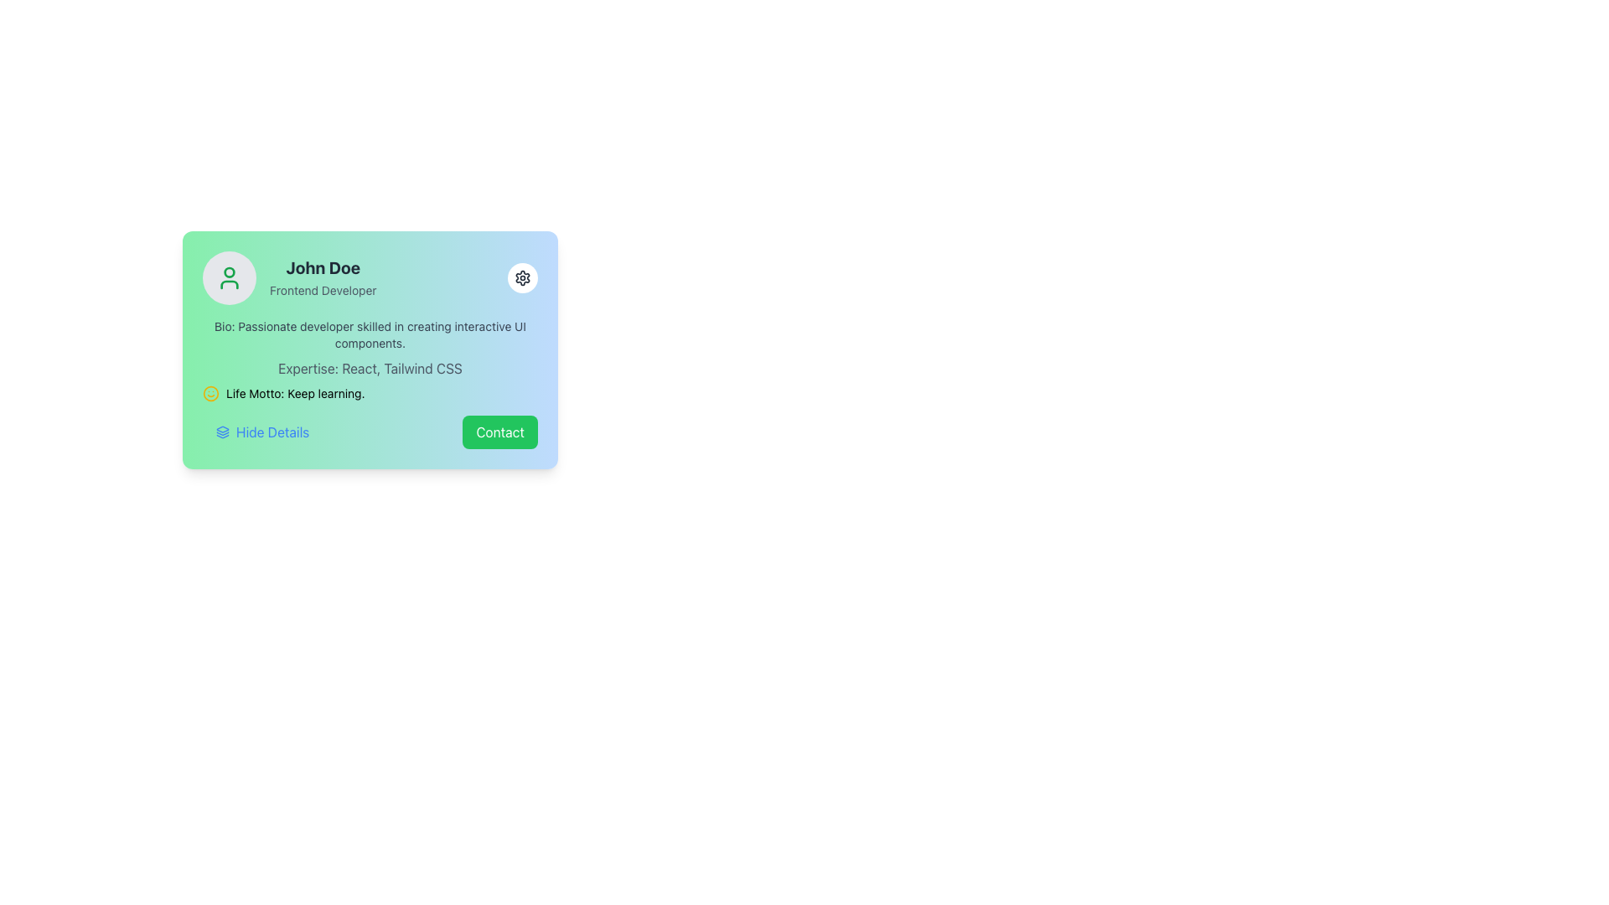 This screenshot has width=1609, height=905. What do you see at coordinates (228, 271) in the screenshot?
I see `the circular graphic element representing a user's head in the SVG profile icon located at the top-left of the gradient card` at bounding box center [228, 271].